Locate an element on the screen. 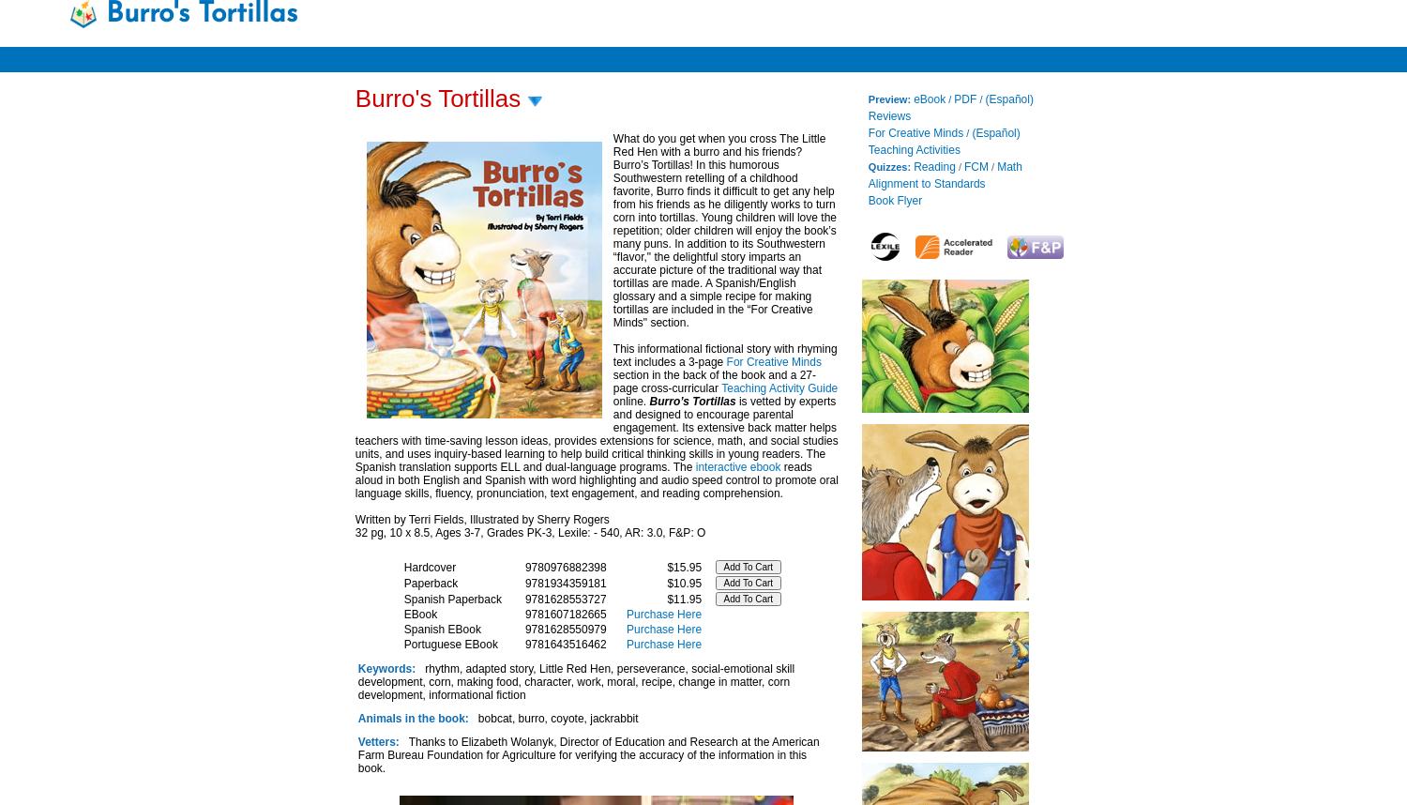 This screenshot has width=1407, height=805. 'PDF' is located at coordinates (954, 99).